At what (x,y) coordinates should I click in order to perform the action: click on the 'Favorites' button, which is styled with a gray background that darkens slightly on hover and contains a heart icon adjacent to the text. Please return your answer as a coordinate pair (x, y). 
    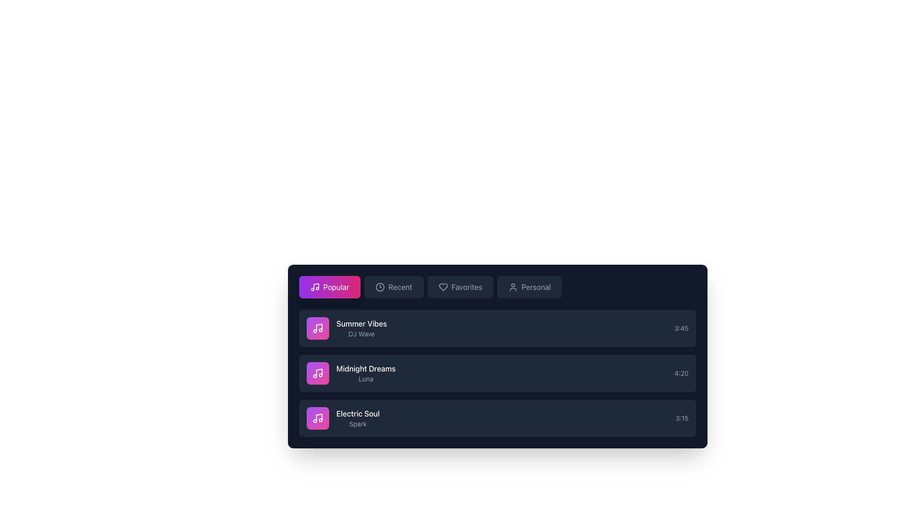
    Looking at the image, I should click on (460, 287).